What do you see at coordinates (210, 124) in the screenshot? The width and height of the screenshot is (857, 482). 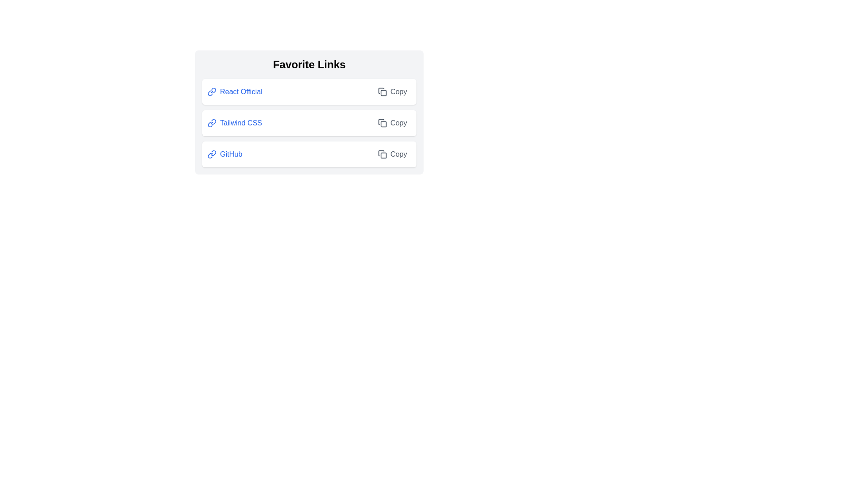 I see `bottom-left curved line of the SVG chain link icon for 'Tailwind CSS' in the 'Favorite Links' section` at bounding box center [210, 124].